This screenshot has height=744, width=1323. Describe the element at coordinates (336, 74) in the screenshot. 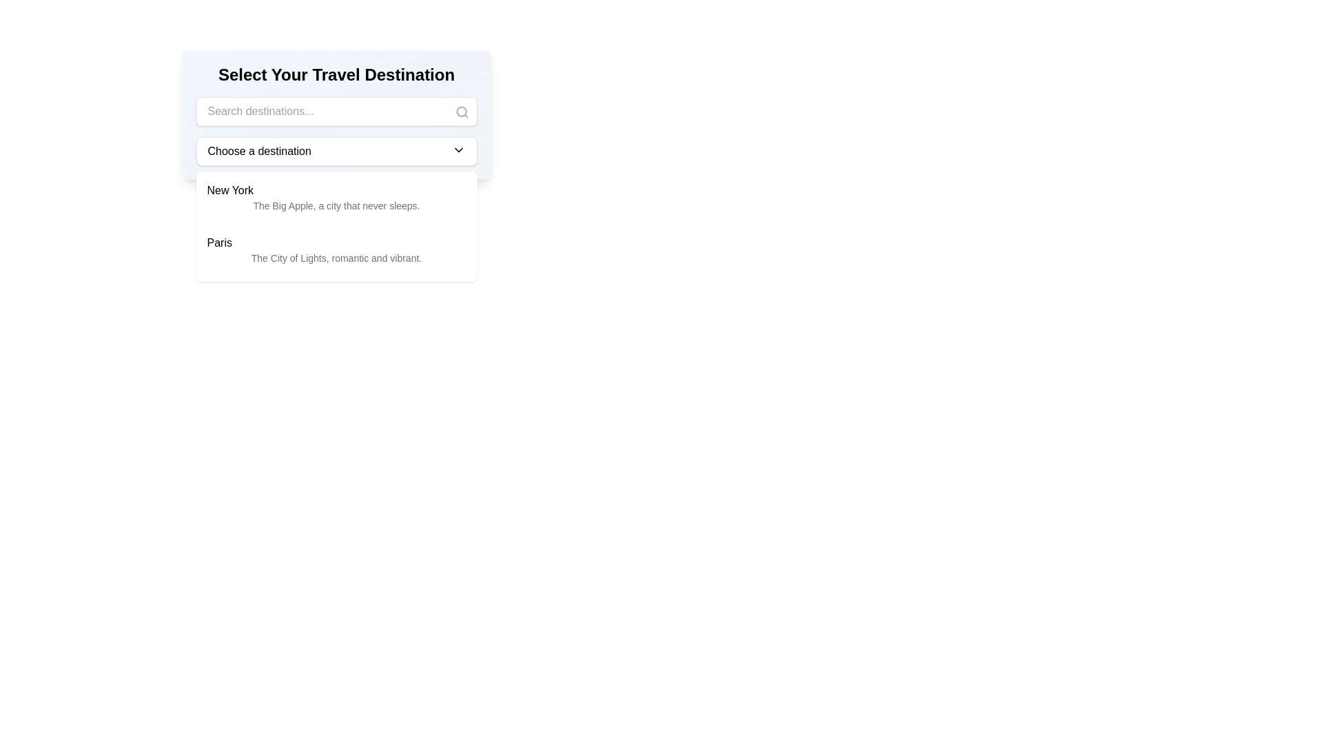

I see `the text heading 'Select Your Travel Destination' which is centrally positioned at the top of a light-gray pane in the travel selection interface` at that location.